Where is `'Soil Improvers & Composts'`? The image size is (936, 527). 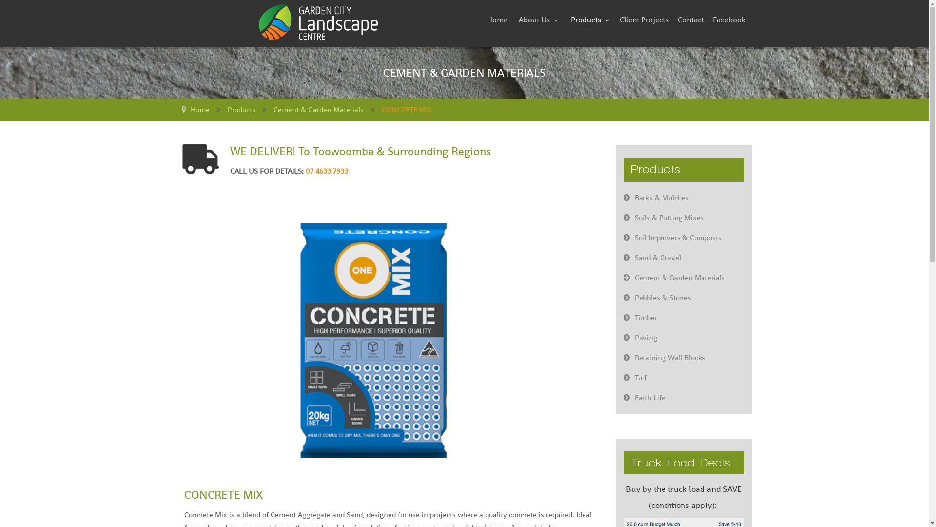 'Soil Improvers & Composts' is located at coordinates (683, 237).